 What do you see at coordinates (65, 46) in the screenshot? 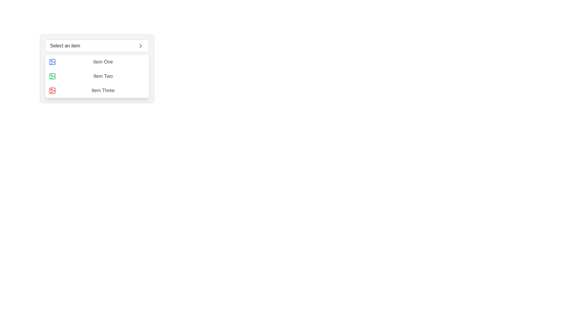
I see `the leftmost text label in the dropdown menu, which guides the user to make a selection` at bounding box center [65, 46].